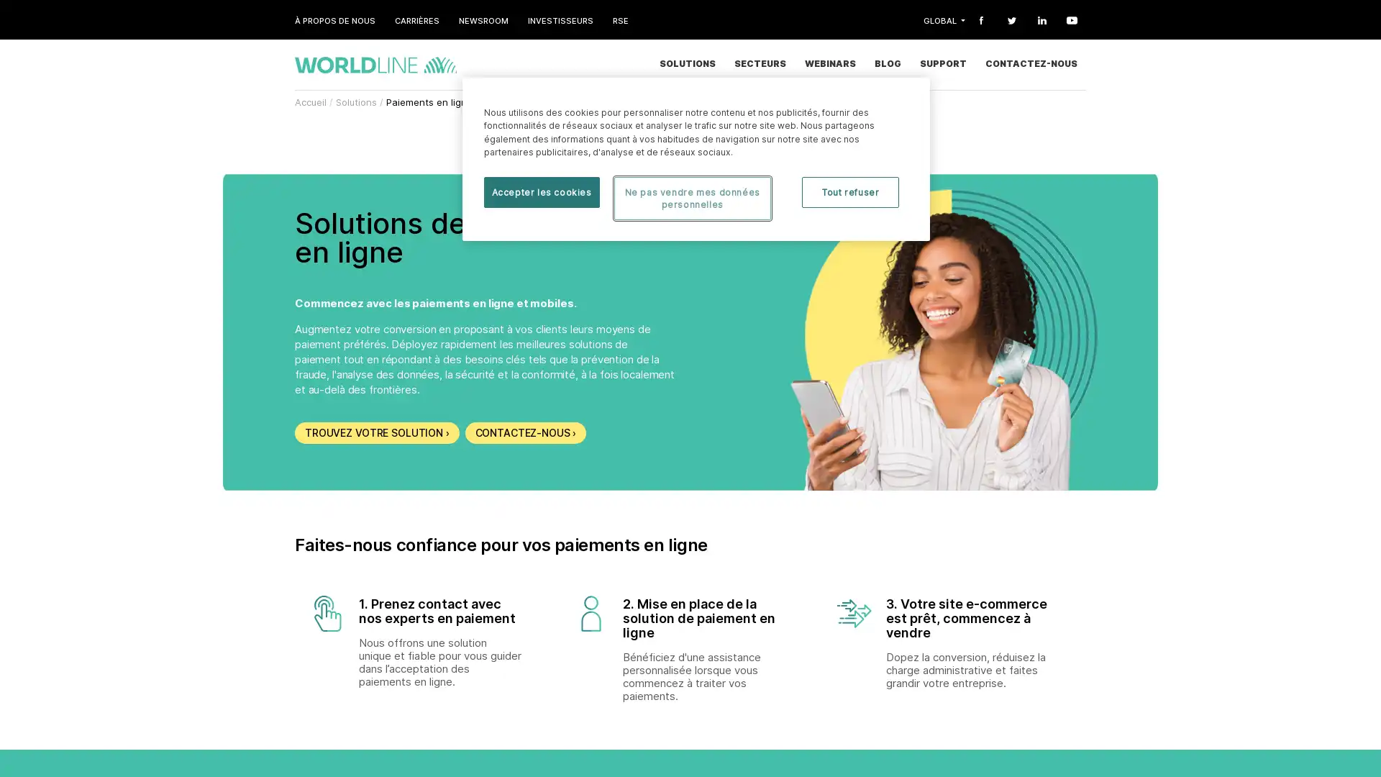  Describe the element at coordinates (540, 191) in the screenshot. I see `Accepter les cookies` at that location.